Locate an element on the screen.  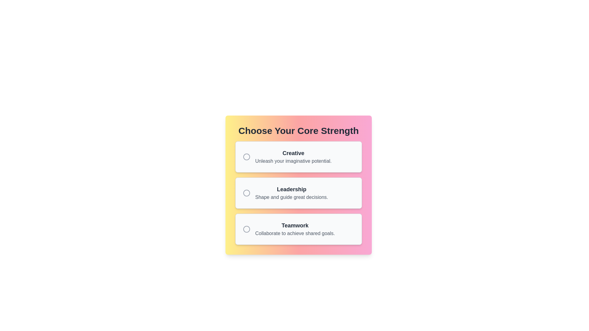
the text label that reads 'Unleash your imaginative potential.' which is positioned beneath the title 'Creative' in the uppermost option box under the header 'Choose Your Core Strength' is located at coordinates (293, 161).